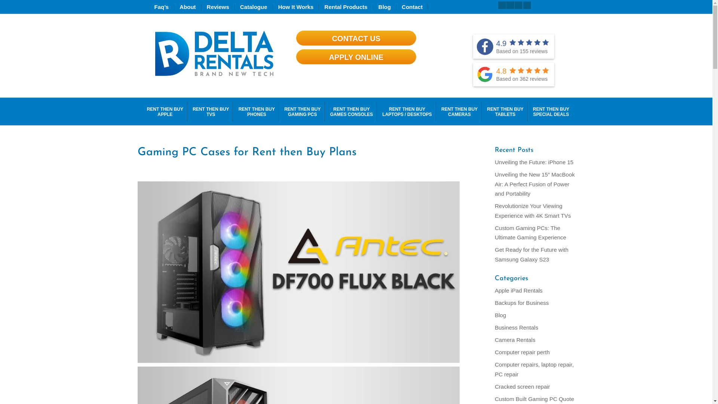 This screenshot has width=718, height=404. Describe the element at coordinates (257, 7) in the screenshot. I see `'Catalogue'` at that location.